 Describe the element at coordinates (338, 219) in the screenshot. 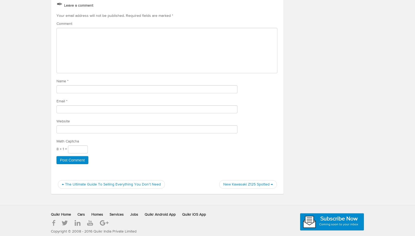

I see `'Subscribe Now'` at that location.